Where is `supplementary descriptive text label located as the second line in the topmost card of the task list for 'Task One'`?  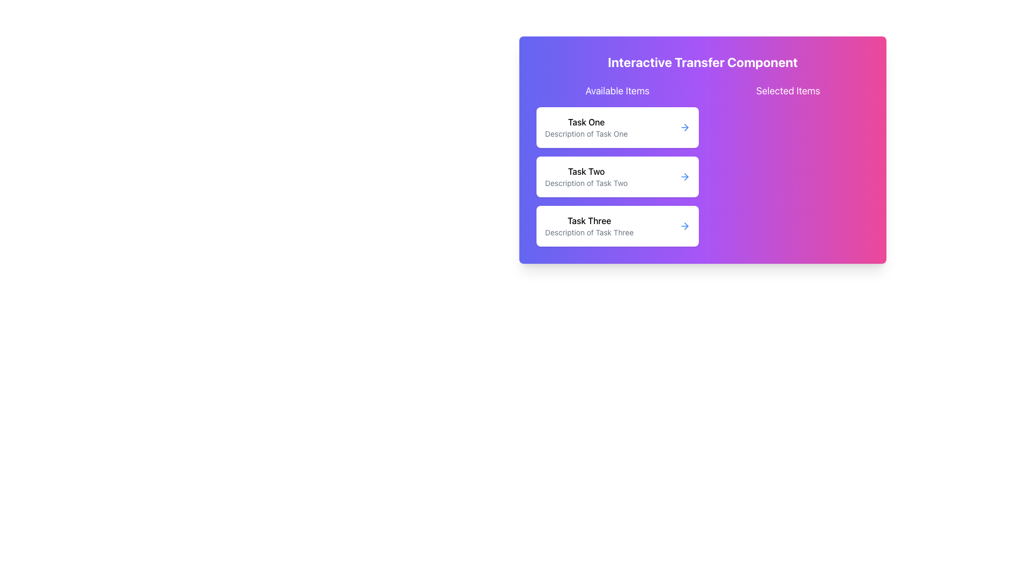
supplementary descriptive text label located as the second line in the topmost card of the task list for 'Task One' is located at coordinates (586, 133).